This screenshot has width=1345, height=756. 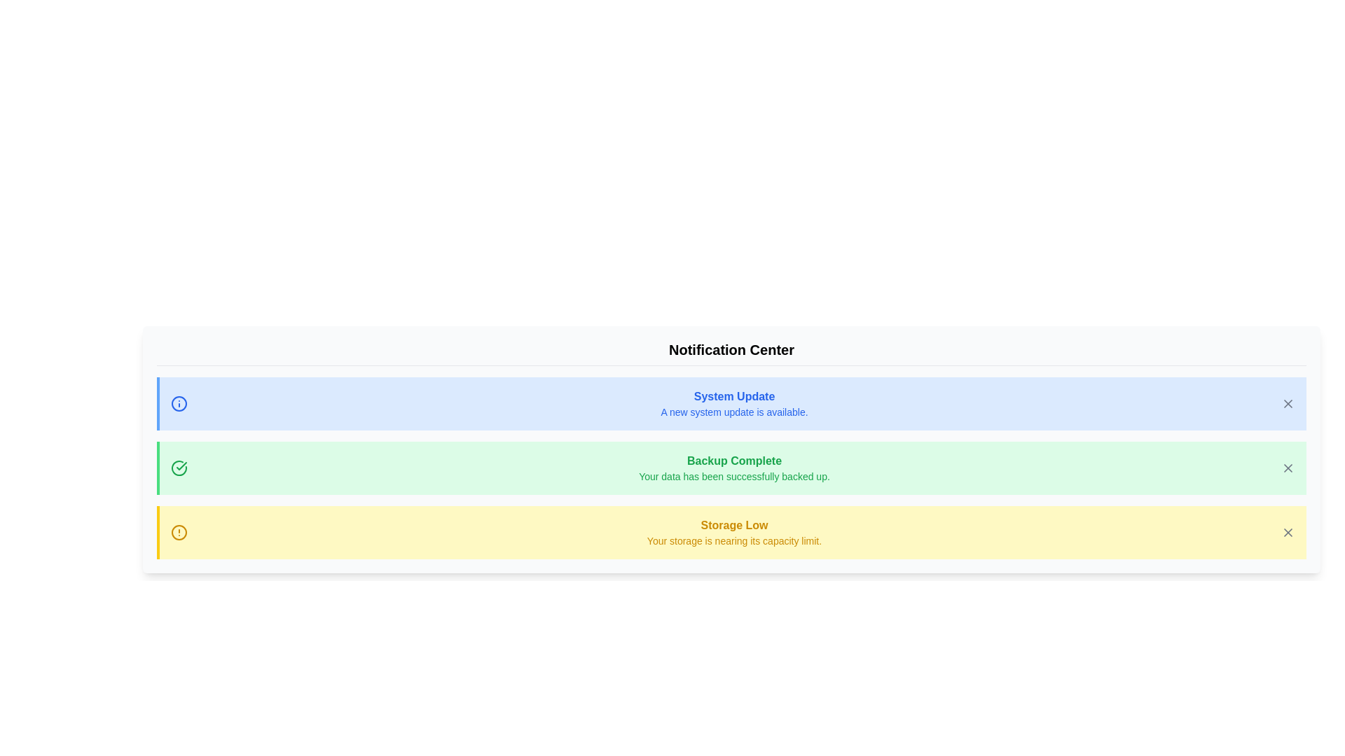 I want to click on the title of the notification to read its details, so click(x=730, y=404).